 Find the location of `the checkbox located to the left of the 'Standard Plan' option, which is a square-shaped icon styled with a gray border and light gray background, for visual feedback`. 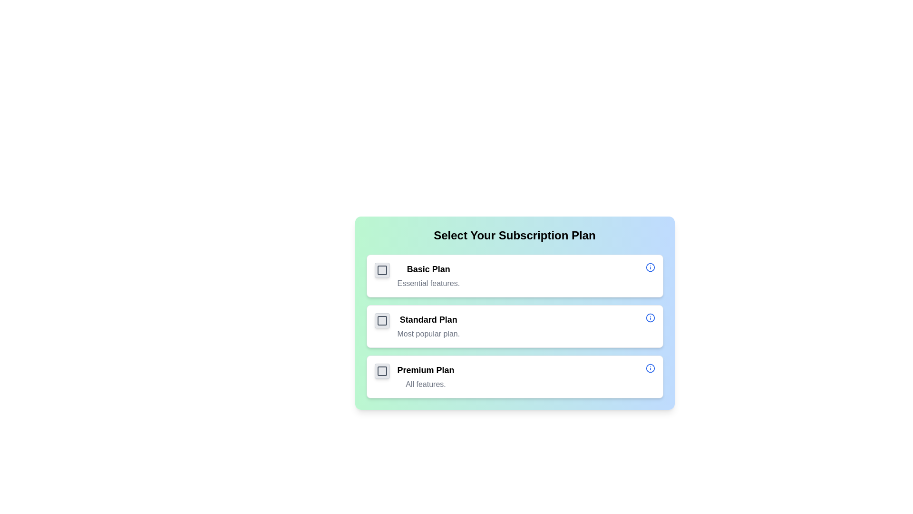

the checkbox located to the left of the 'Standard Plan' option, which is a square-shaped icon styled with a gray border and light gray background, for visual feedback is located at coordinates (382, 321).